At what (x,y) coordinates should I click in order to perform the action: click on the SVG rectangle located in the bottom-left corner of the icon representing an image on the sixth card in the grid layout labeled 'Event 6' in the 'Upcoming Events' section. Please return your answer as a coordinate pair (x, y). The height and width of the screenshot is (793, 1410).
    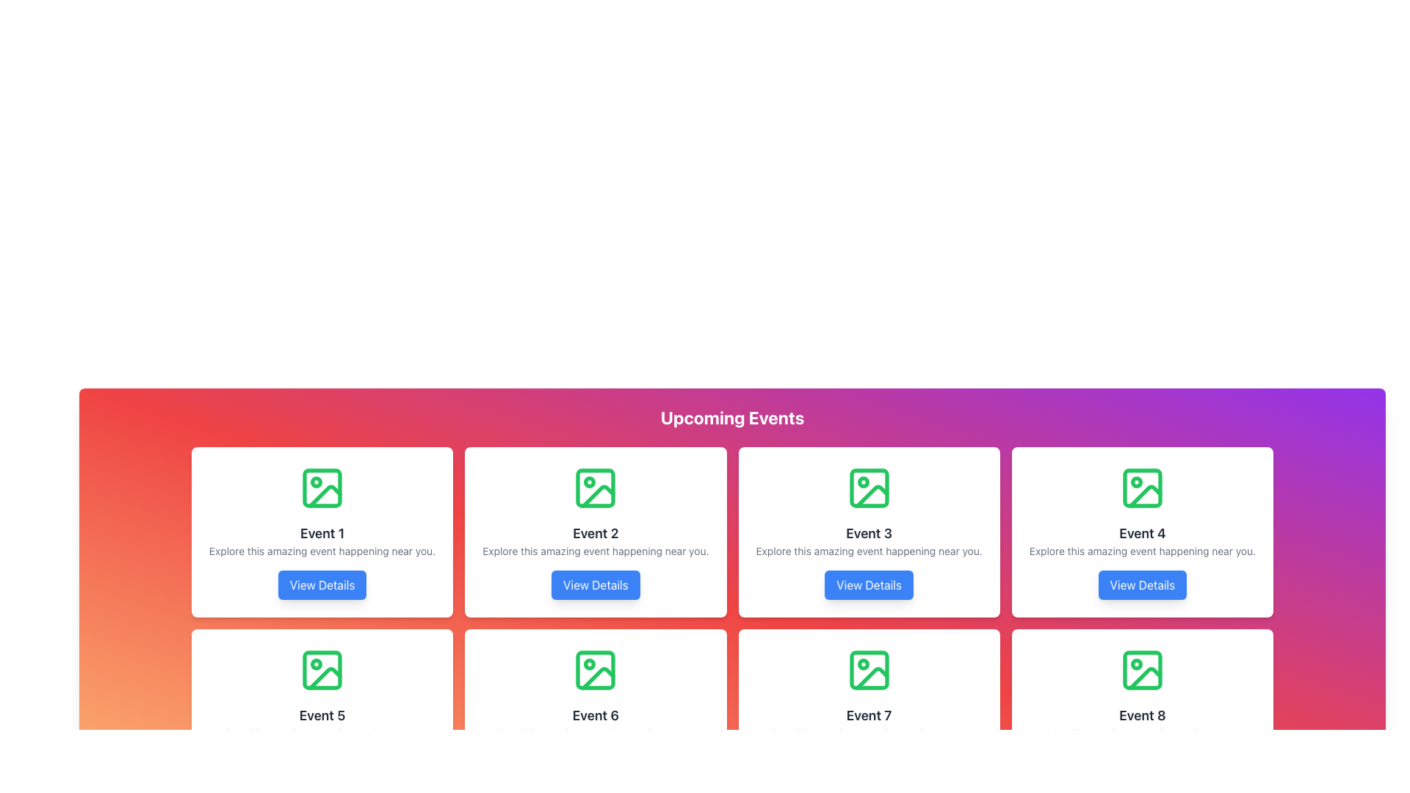
    Looking at the image, I should click on (596, 670).